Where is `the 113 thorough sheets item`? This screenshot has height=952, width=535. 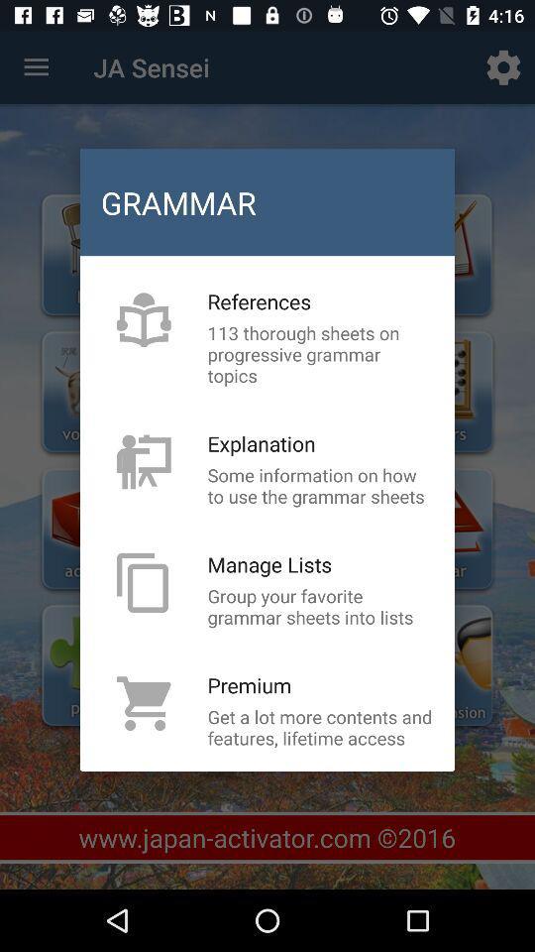 the 113 thorough sheets item is located at coordinates (320, 354).